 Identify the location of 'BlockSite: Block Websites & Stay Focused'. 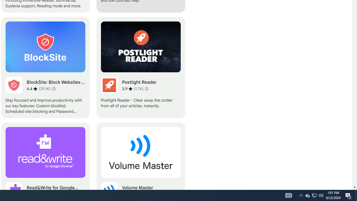
(45, 67).